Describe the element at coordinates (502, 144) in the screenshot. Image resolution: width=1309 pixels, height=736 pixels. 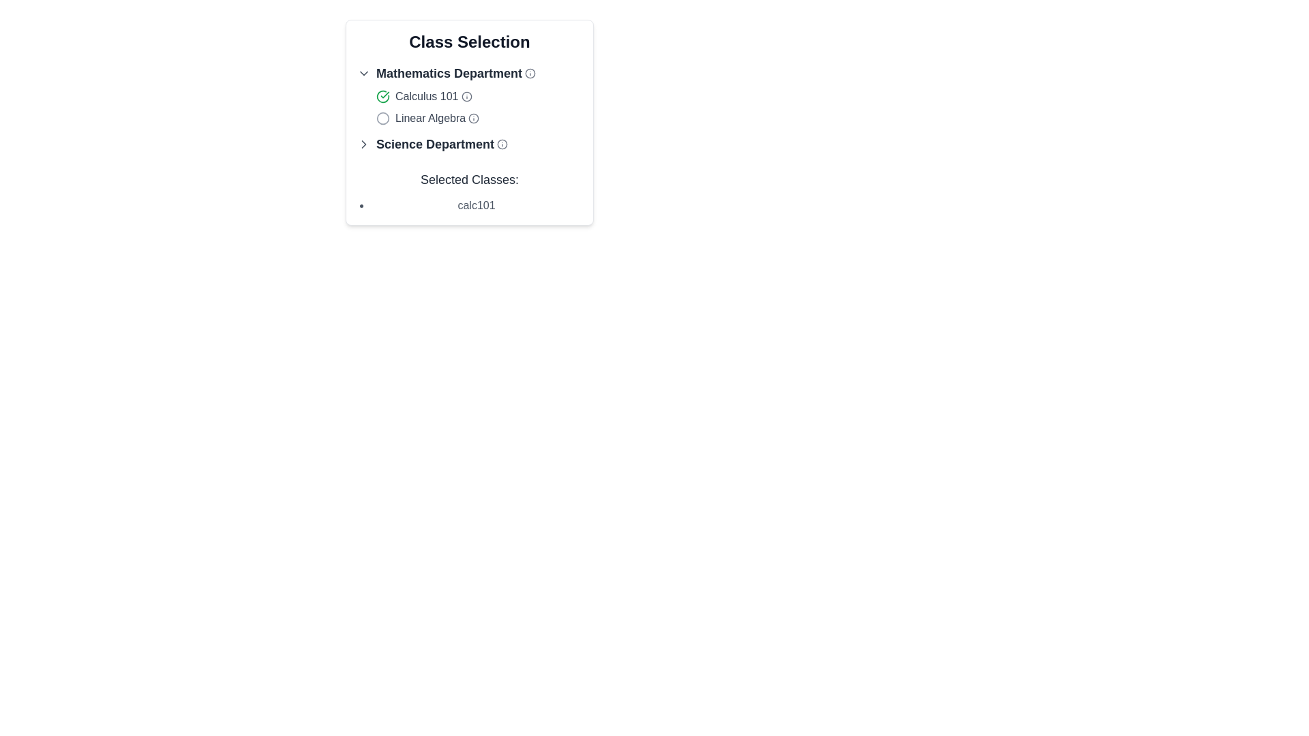
I see `the circular gray icon located to the right of the 'Science Department' label` at that location.